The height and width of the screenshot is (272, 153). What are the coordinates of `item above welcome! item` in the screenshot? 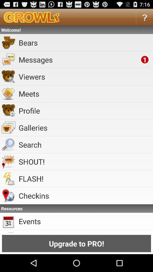 It's located at (144, 17).